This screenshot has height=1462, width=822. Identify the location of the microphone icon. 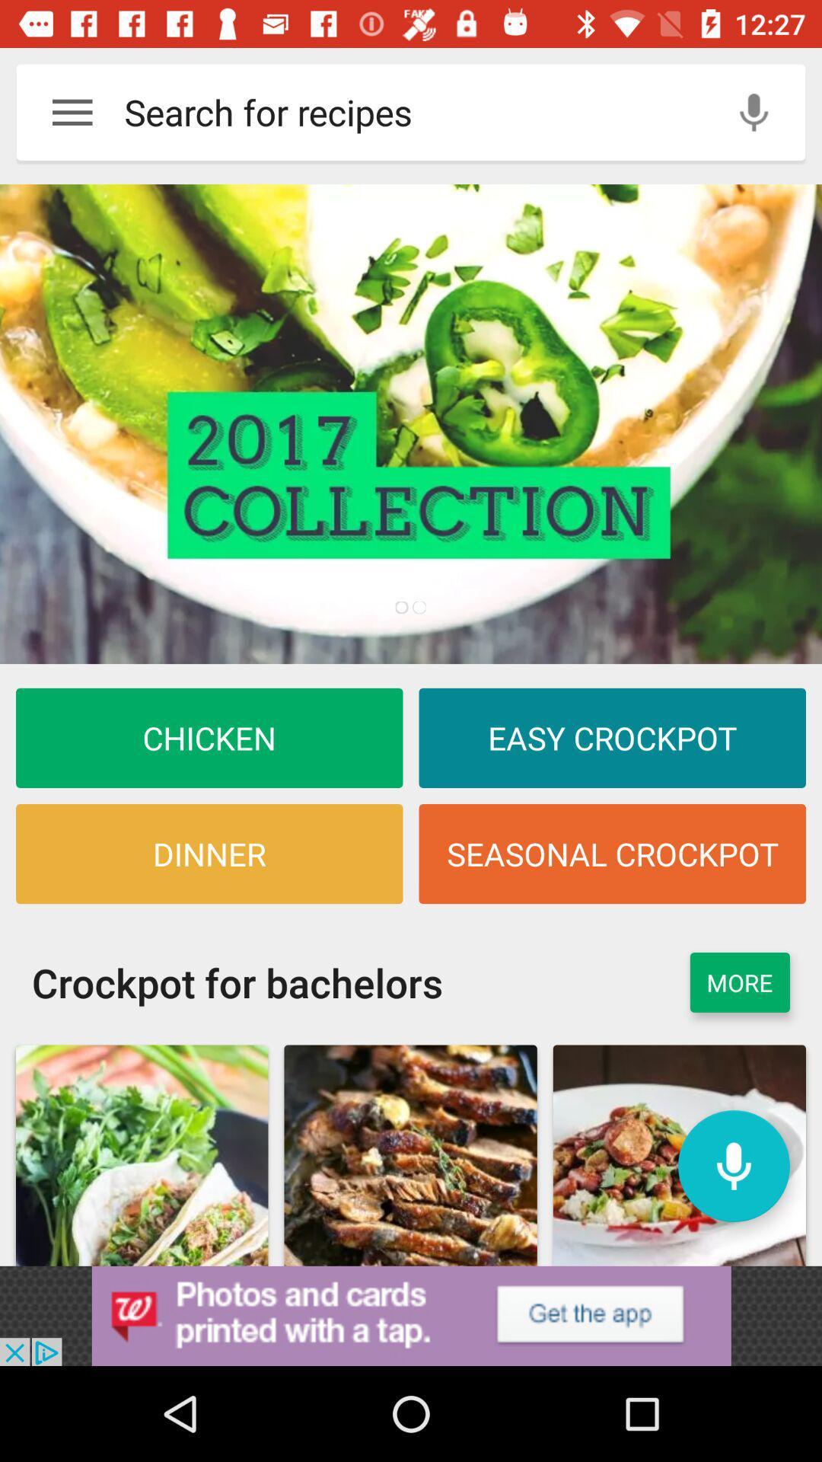
(753, 111).